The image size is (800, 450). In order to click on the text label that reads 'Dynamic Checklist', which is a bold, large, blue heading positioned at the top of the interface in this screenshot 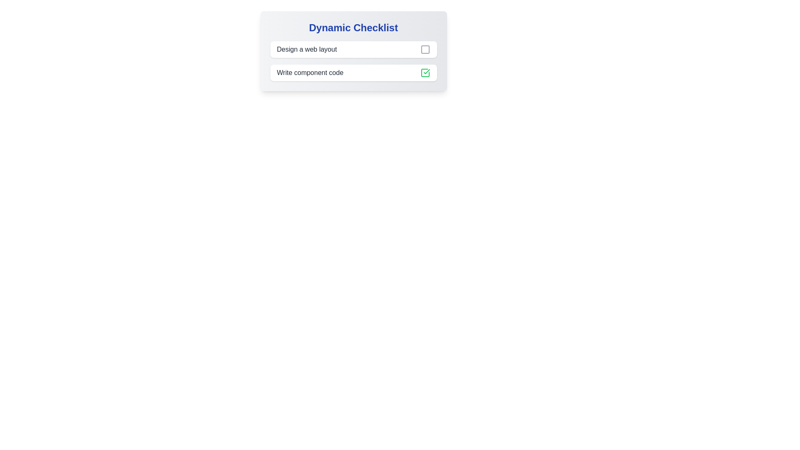, I will do `click(353, 27)`.